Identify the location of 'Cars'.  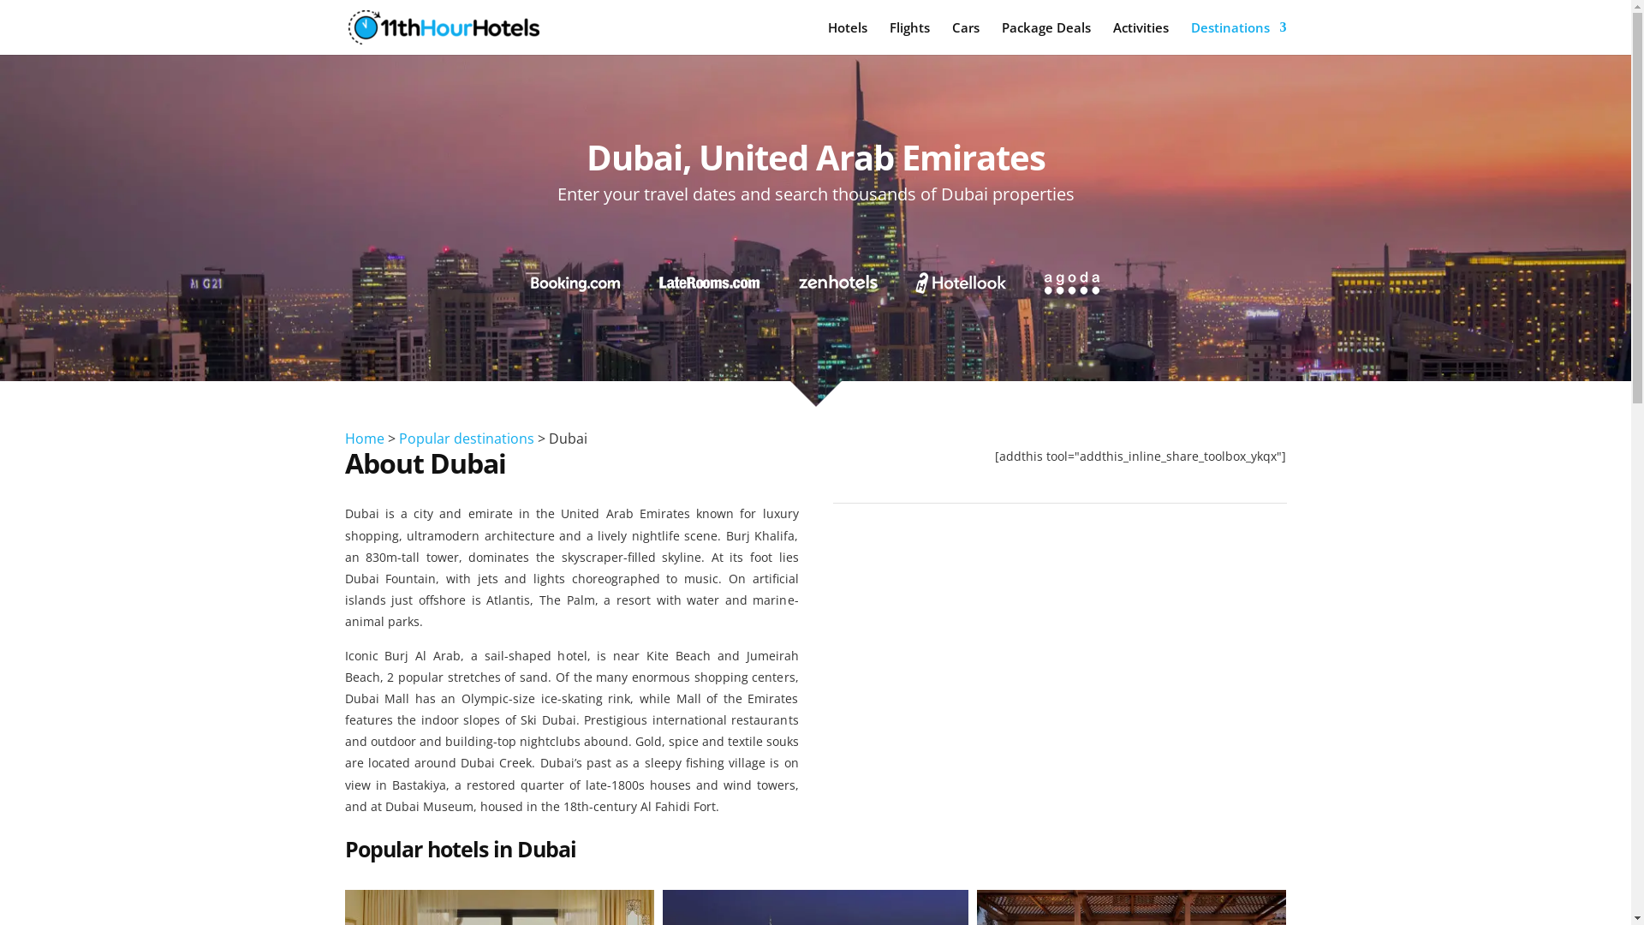
(966, 38).